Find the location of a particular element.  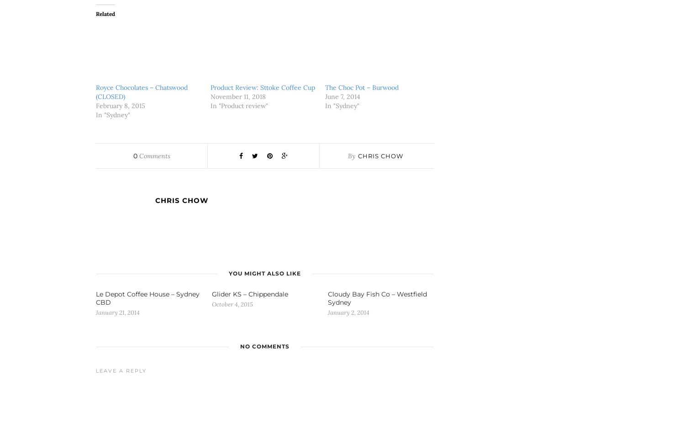

'0' is located at coordinates (135, 156).